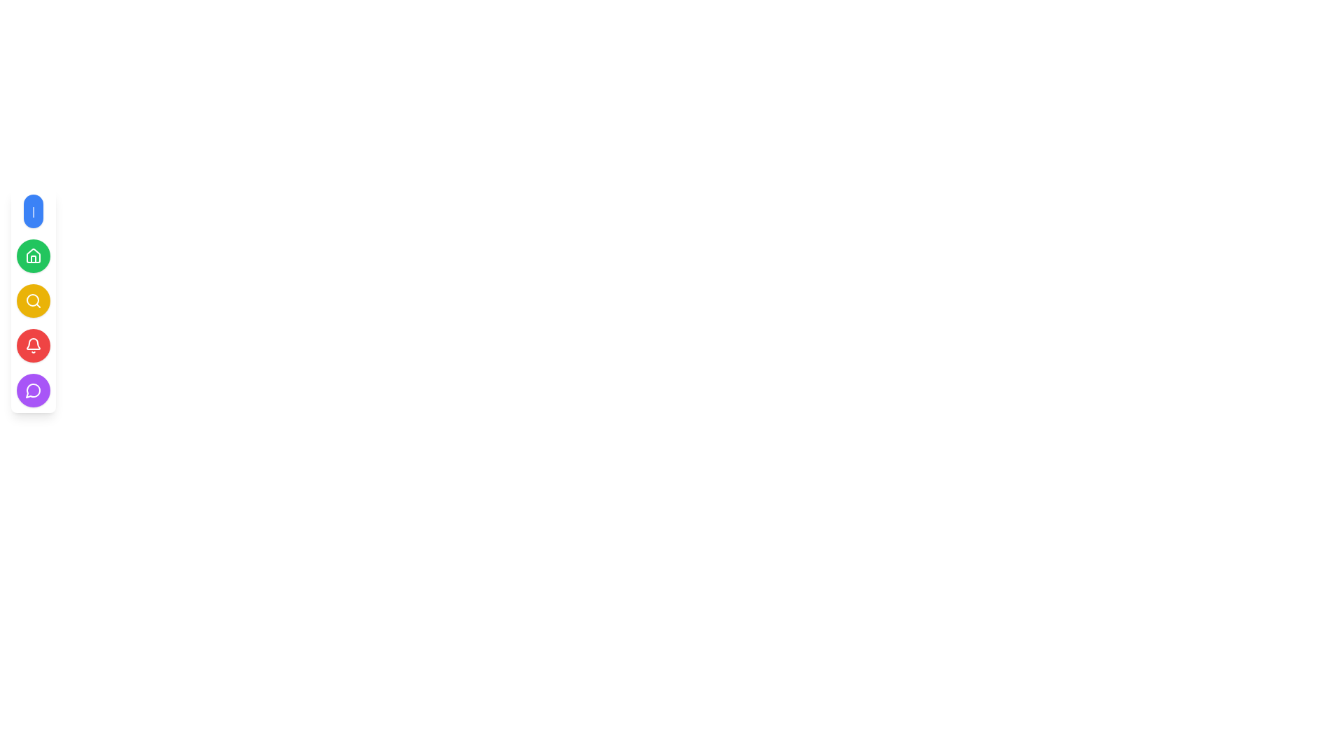  What do you see at coordinates (34, 300) in the screenshot?
I see `the search icon embedded in the third button from the top in the vertical navigation menu on the left` at bounding box center [34, 300].